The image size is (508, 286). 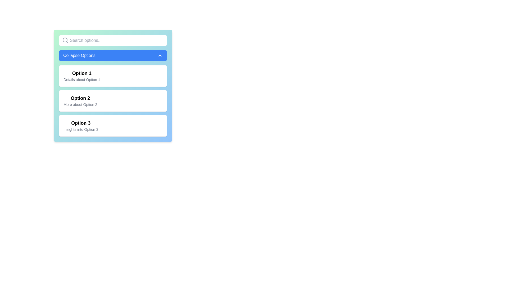 What do you see at coordinates (65, 40) in the screenshot?
I see `the search icon located at the left of the search input field, which serves as a visual cue for search queries` at bounding box center [65, 40].